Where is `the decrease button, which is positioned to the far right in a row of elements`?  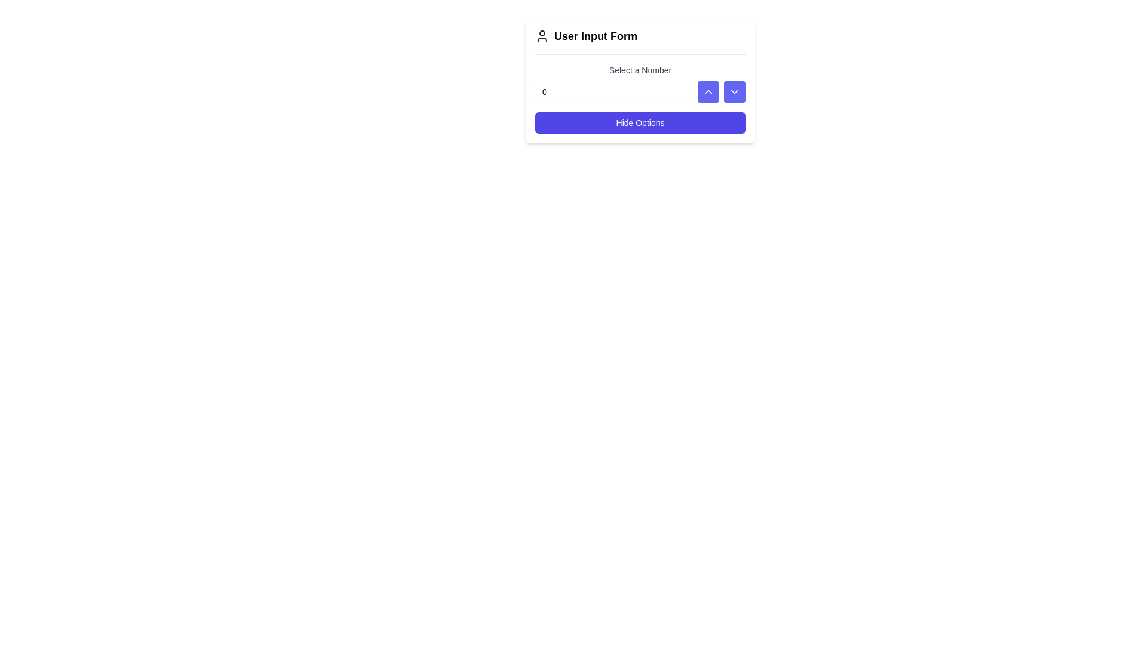 the decrease button, which is positioned to the far right in a row of elements is located at coordinates (734, 91).